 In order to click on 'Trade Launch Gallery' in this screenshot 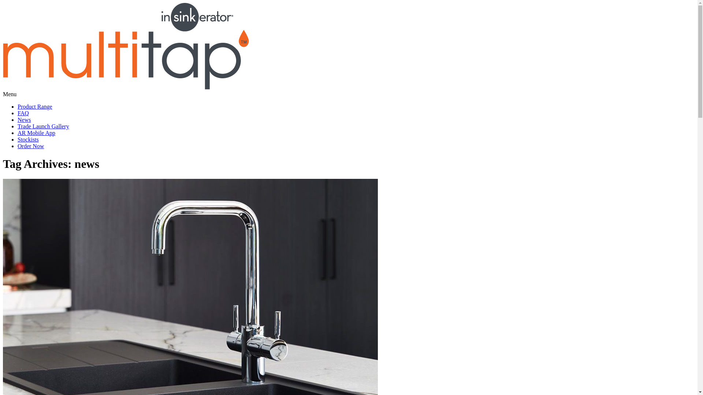, I will do `click(43, 126)`.